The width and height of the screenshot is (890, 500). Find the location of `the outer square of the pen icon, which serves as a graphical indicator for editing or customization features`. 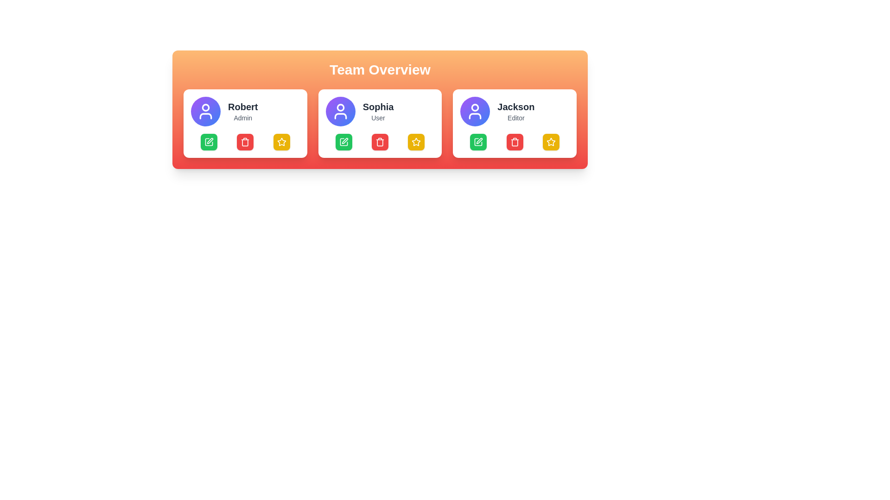

the outer square of the pen icon, which serves as a graphical indicator for editing or customization features is located at coordinates (478, 142).